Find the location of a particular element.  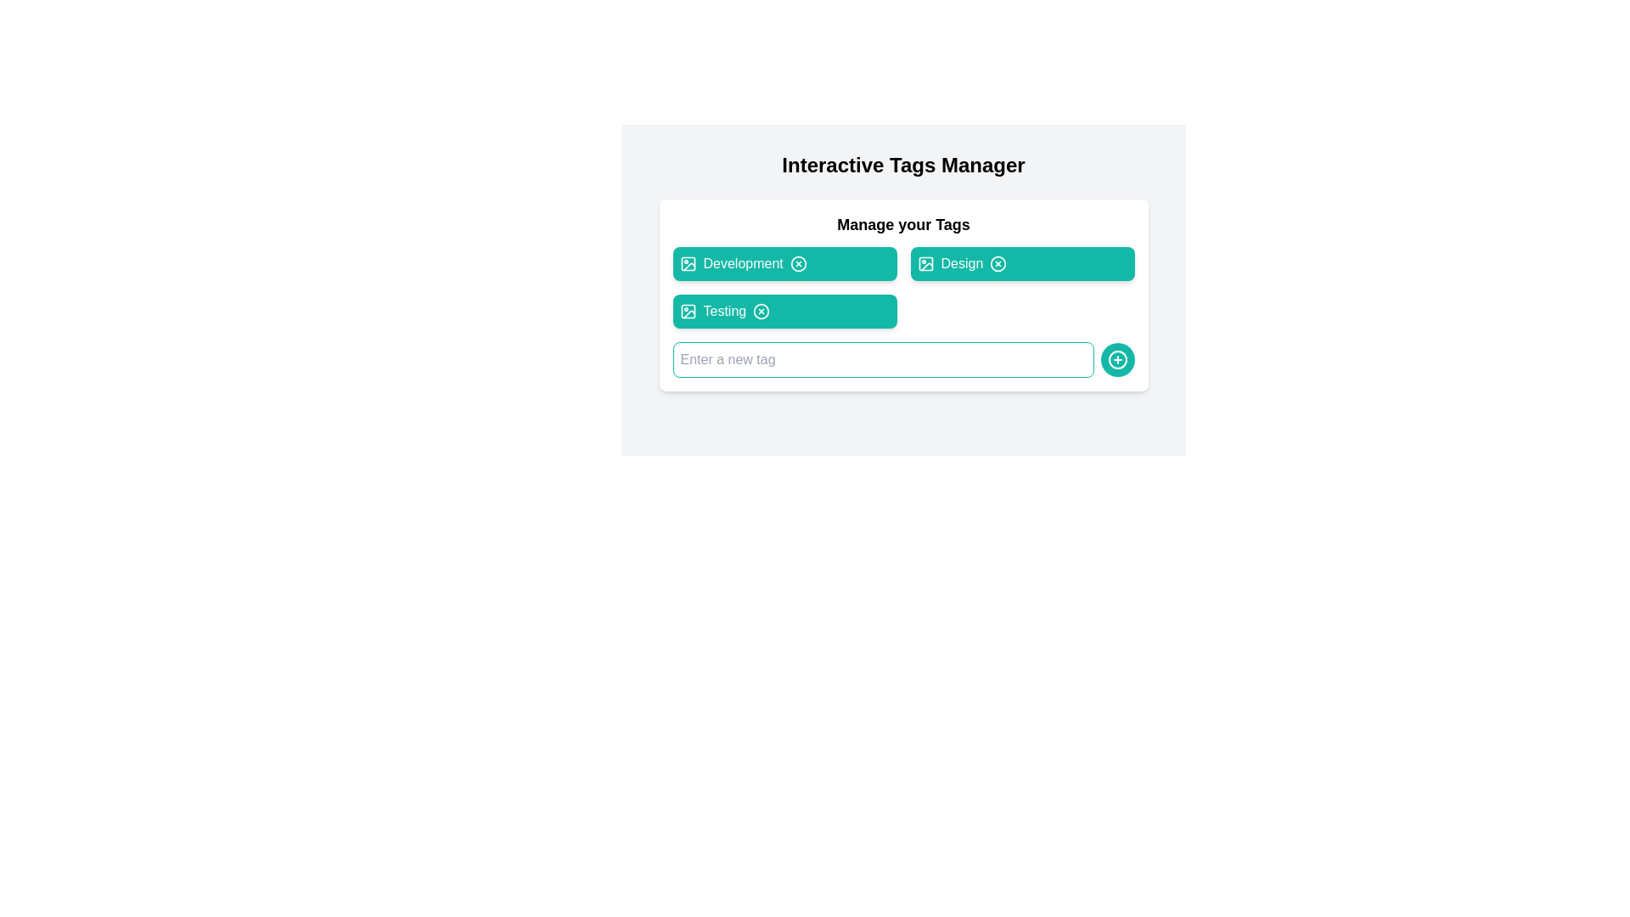

the icon representing the 'Design' tag, which is positioned is located at coordinates (925, 264).